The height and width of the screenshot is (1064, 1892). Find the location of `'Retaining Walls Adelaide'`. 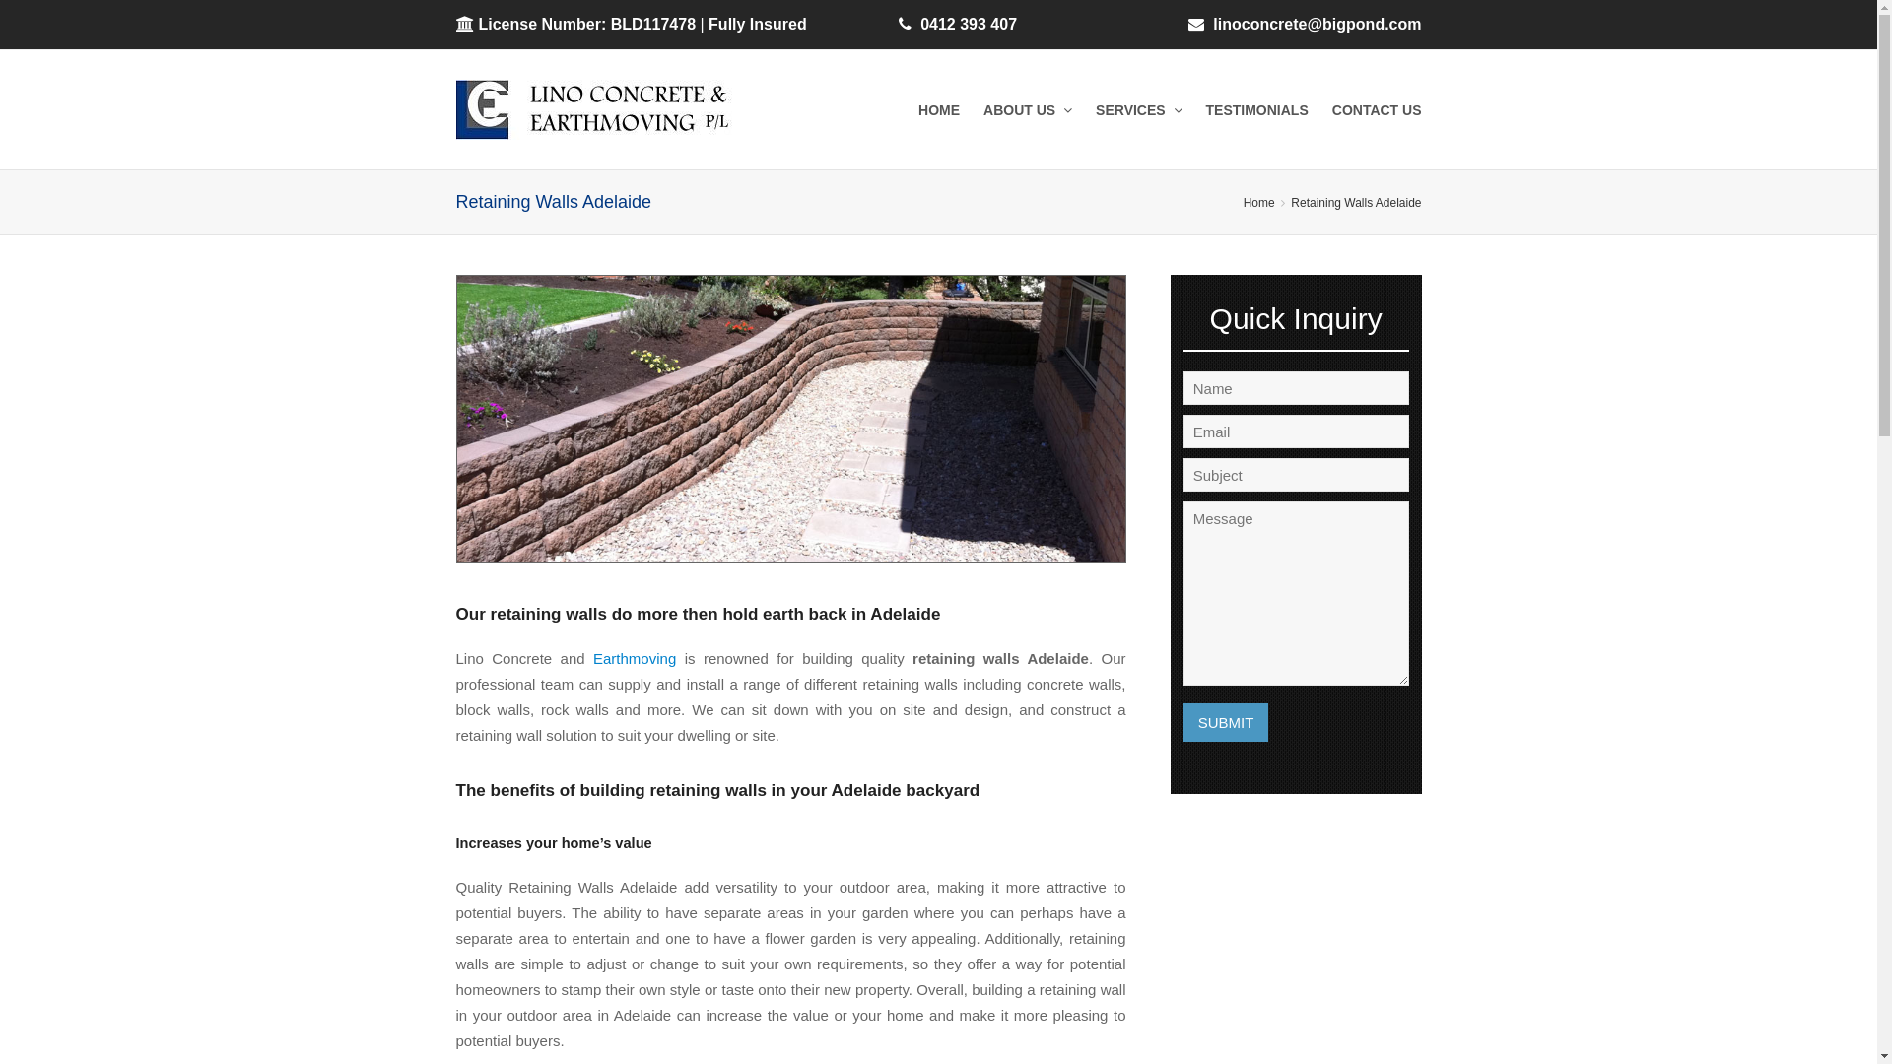

'Retaining Walls Adelaide' is located at coordinates (1355, 202).